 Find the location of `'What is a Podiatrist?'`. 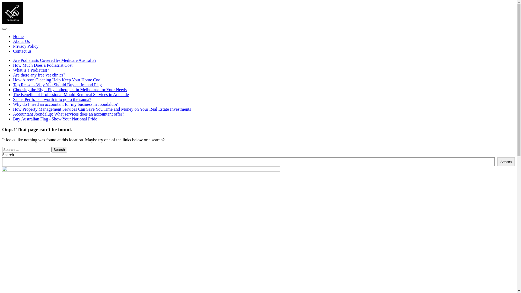

'What is a Podiatrist?' is located at coordinates (31, 70).